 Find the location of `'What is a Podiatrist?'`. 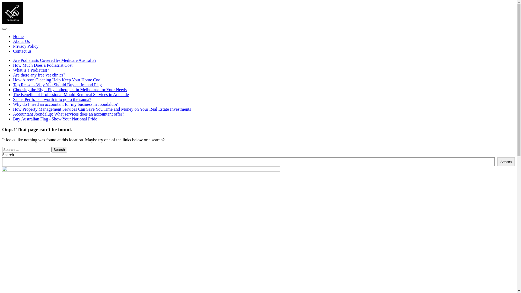

'What is a Podiatrist?' is located at coordinates (31, 70).